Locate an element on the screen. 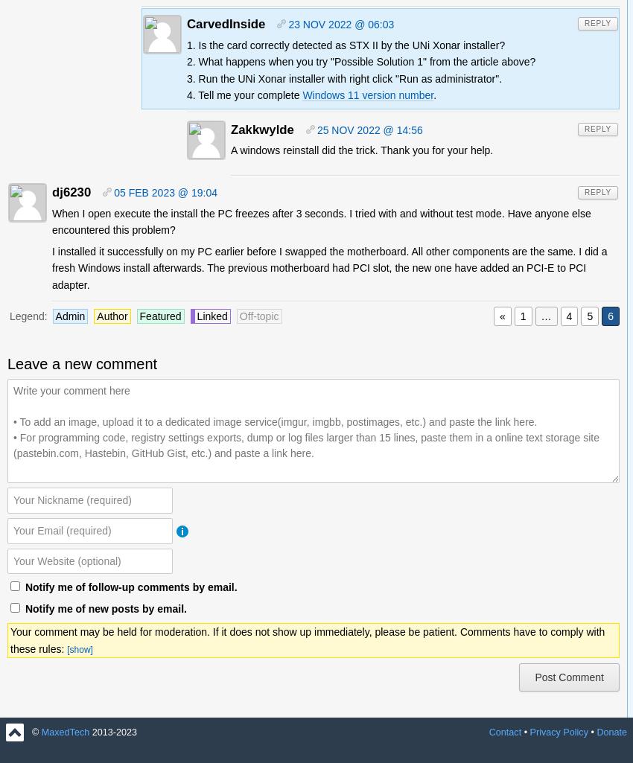 This screenshot has width=633, height=763. 'Off-topic' is located at coordinates (258, 315).